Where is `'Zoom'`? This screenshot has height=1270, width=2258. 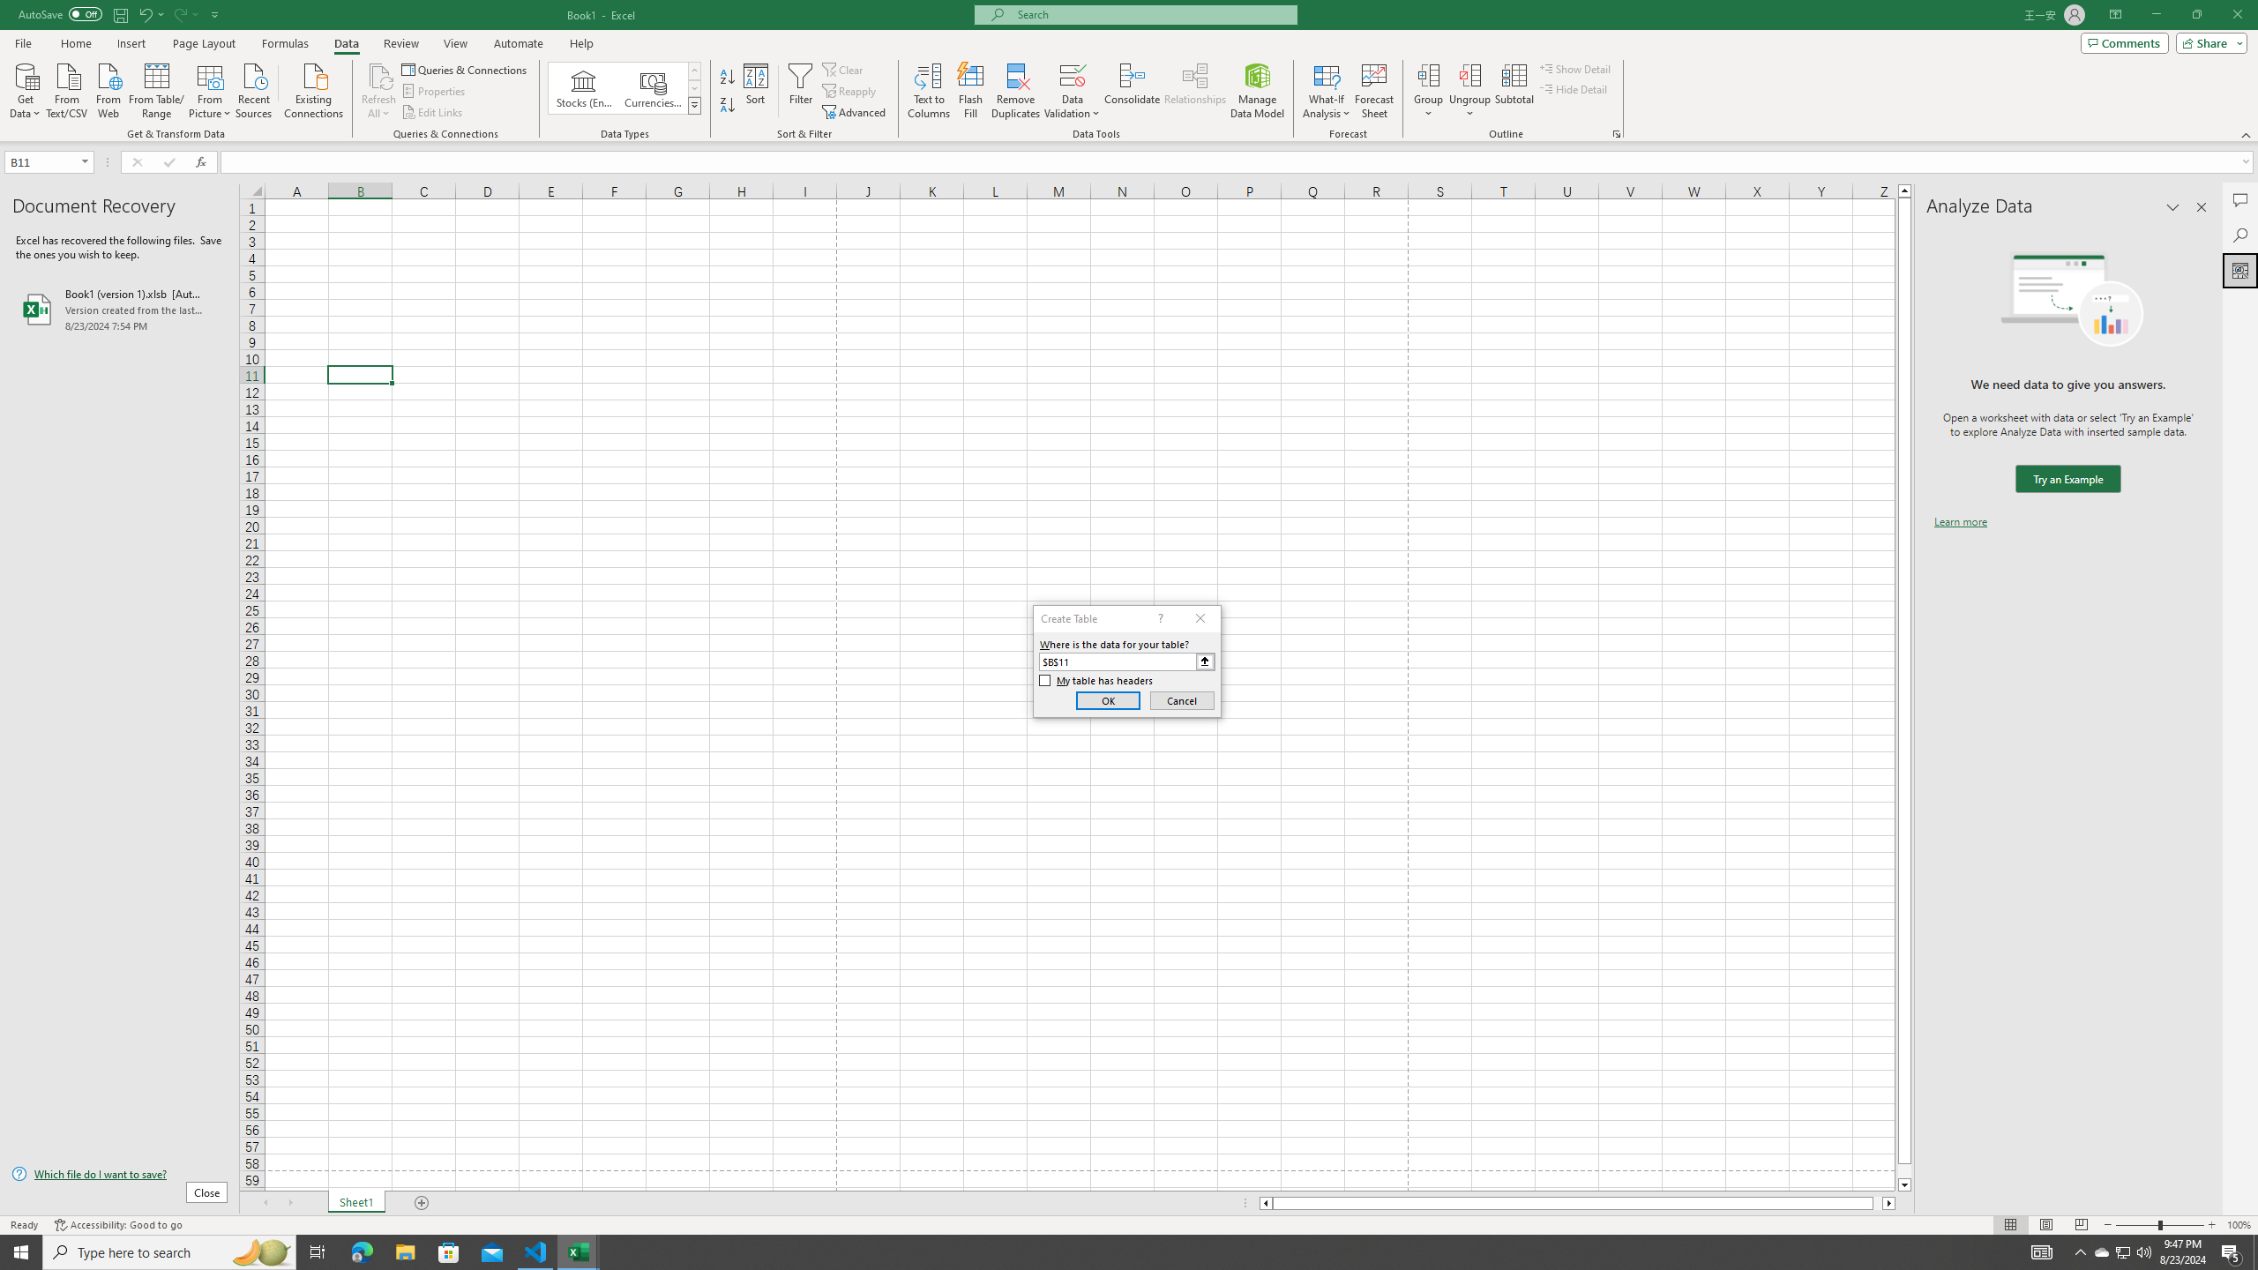
'Zoom' is located at coordinates (2158, 1225).